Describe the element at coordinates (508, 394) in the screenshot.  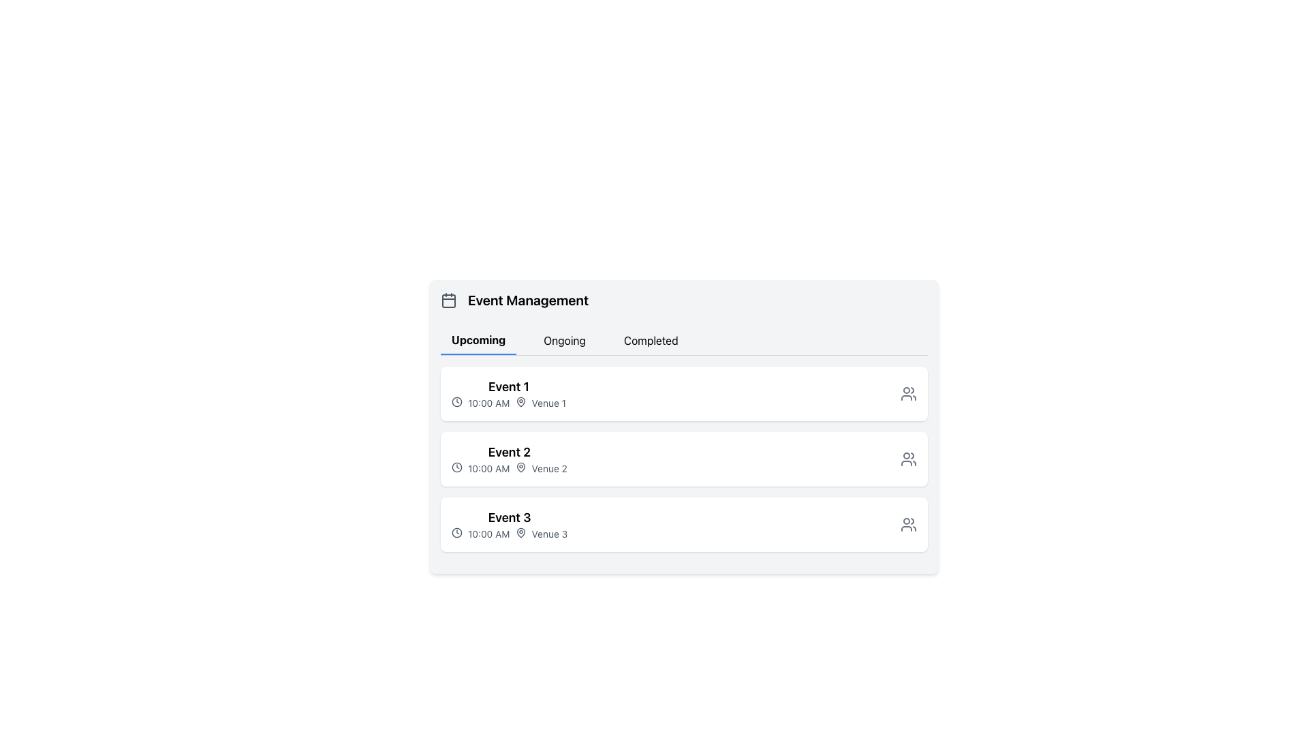
I see `the event entry displaying 'Event 1' with time '10:00 AM Venue 1', which includes a clock and pin icon, located at the top of the 'Upcoming' tab list` at that location.